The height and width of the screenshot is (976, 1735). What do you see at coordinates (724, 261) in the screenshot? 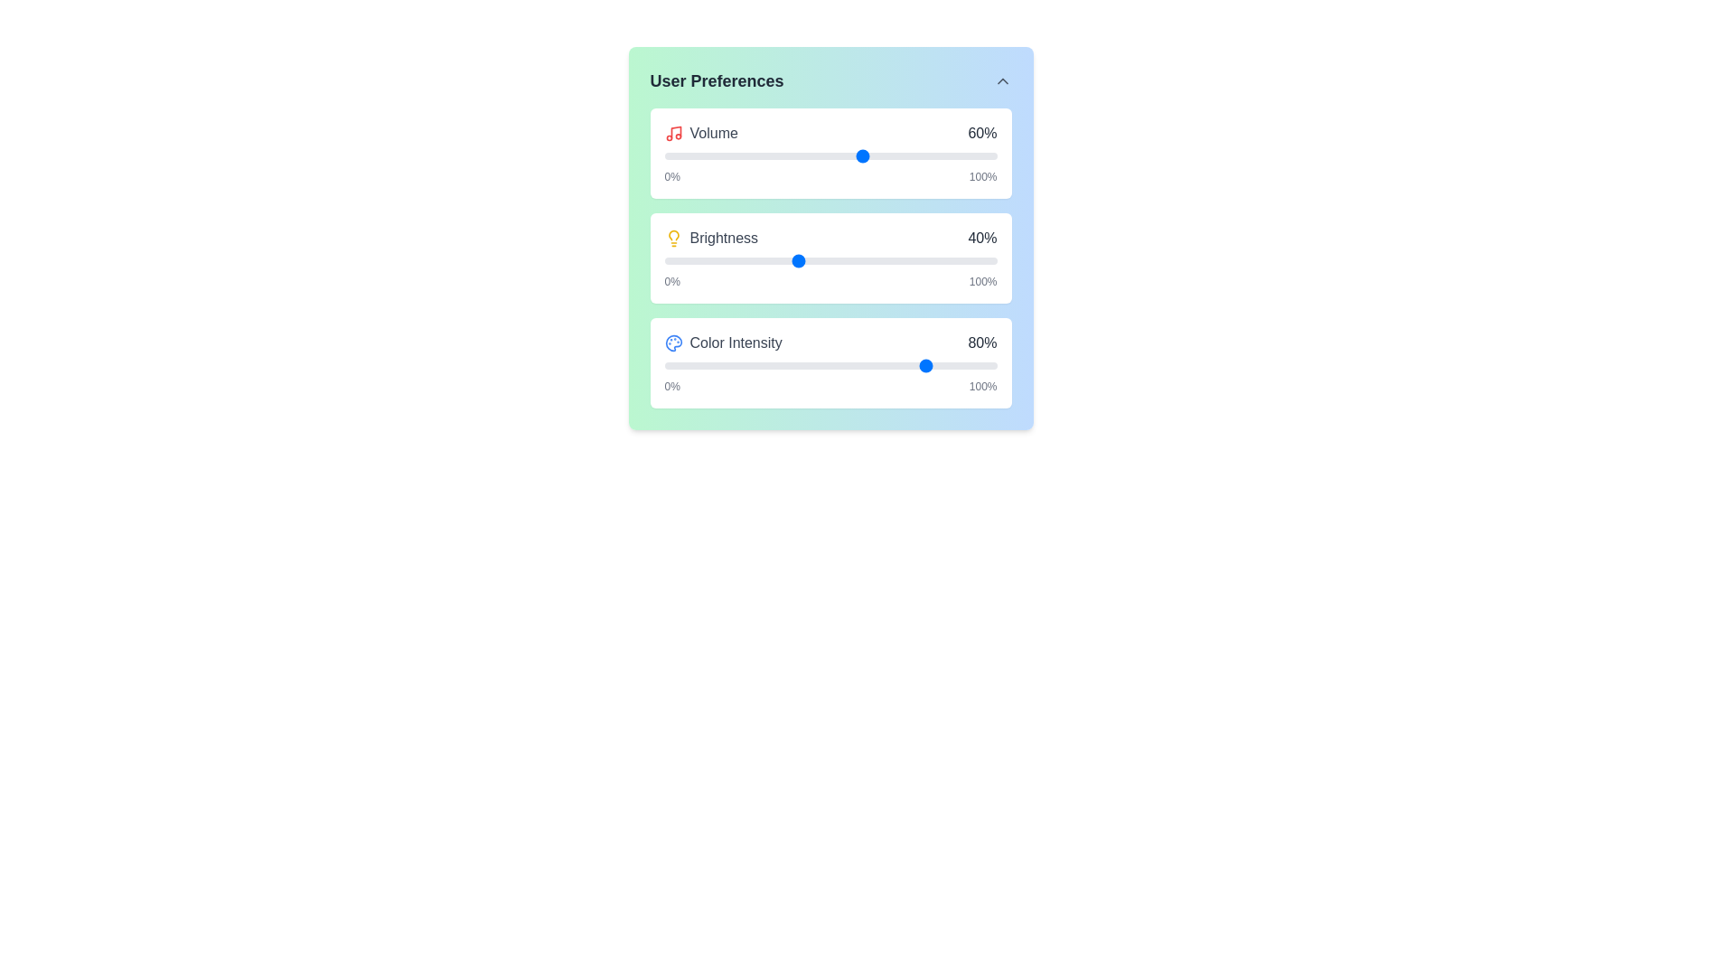
I see `brightness` at bounding box center [724, 261].